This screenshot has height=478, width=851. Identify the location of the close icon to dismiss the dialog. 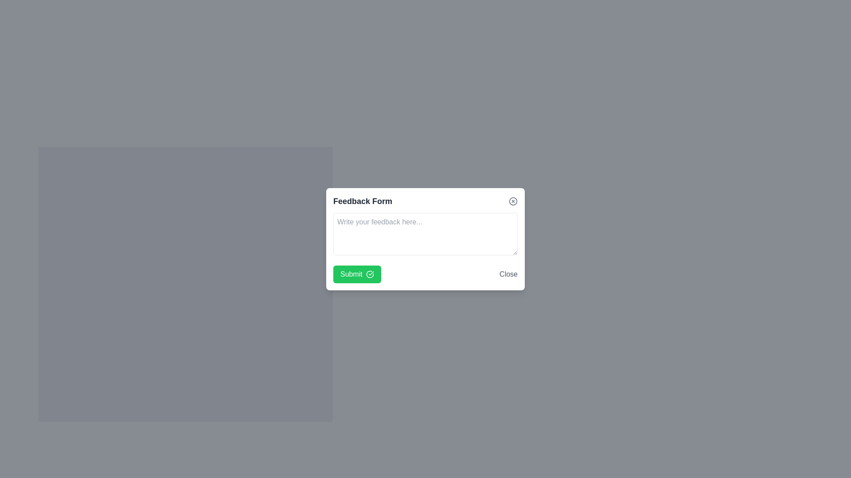
(513, 201).